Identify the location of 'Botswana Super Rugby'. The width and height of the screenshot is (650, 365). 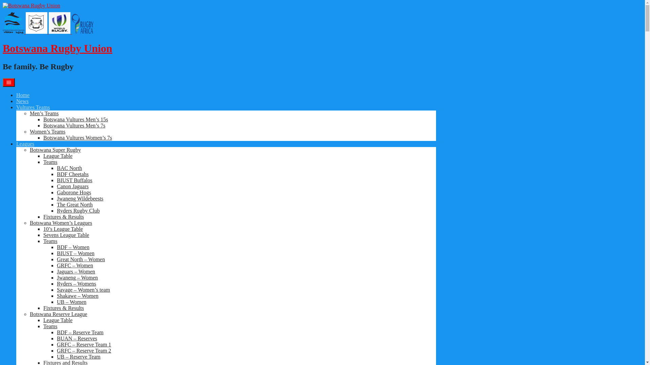
(55, 149).